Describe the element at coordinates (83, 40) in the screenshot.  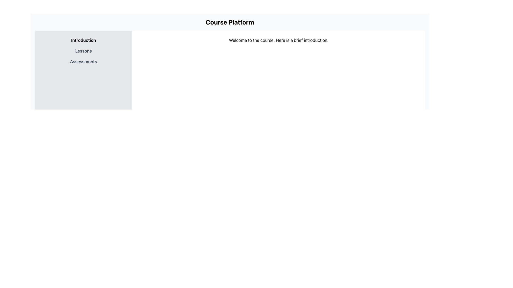
I see `the 'Introduction' static text label located at the top of the vertical list in the left sidebar of the application` at that location.